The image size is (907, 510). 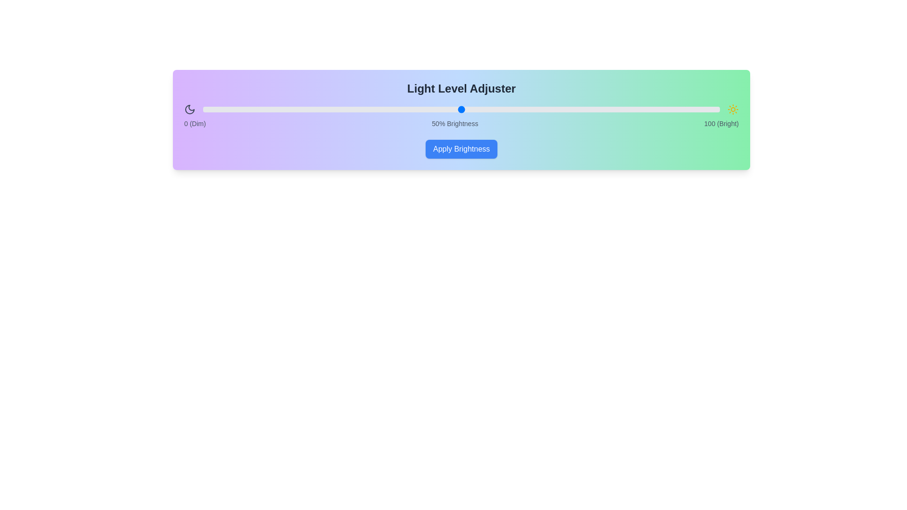 What do you see at coordinates (404, 109) in the screenshot?
I see `the brightness slider to 39%` at bounding box center [404, 109].